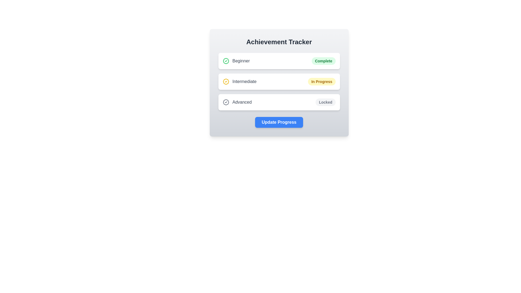 The height and width of the screenshot is (293, 521). I want to click on the progress status indicator for the intermediate level within the 'Achievement Tracker', located between 'Beginner - Complete' and 'Advanced - Locked', so click(279, 81).